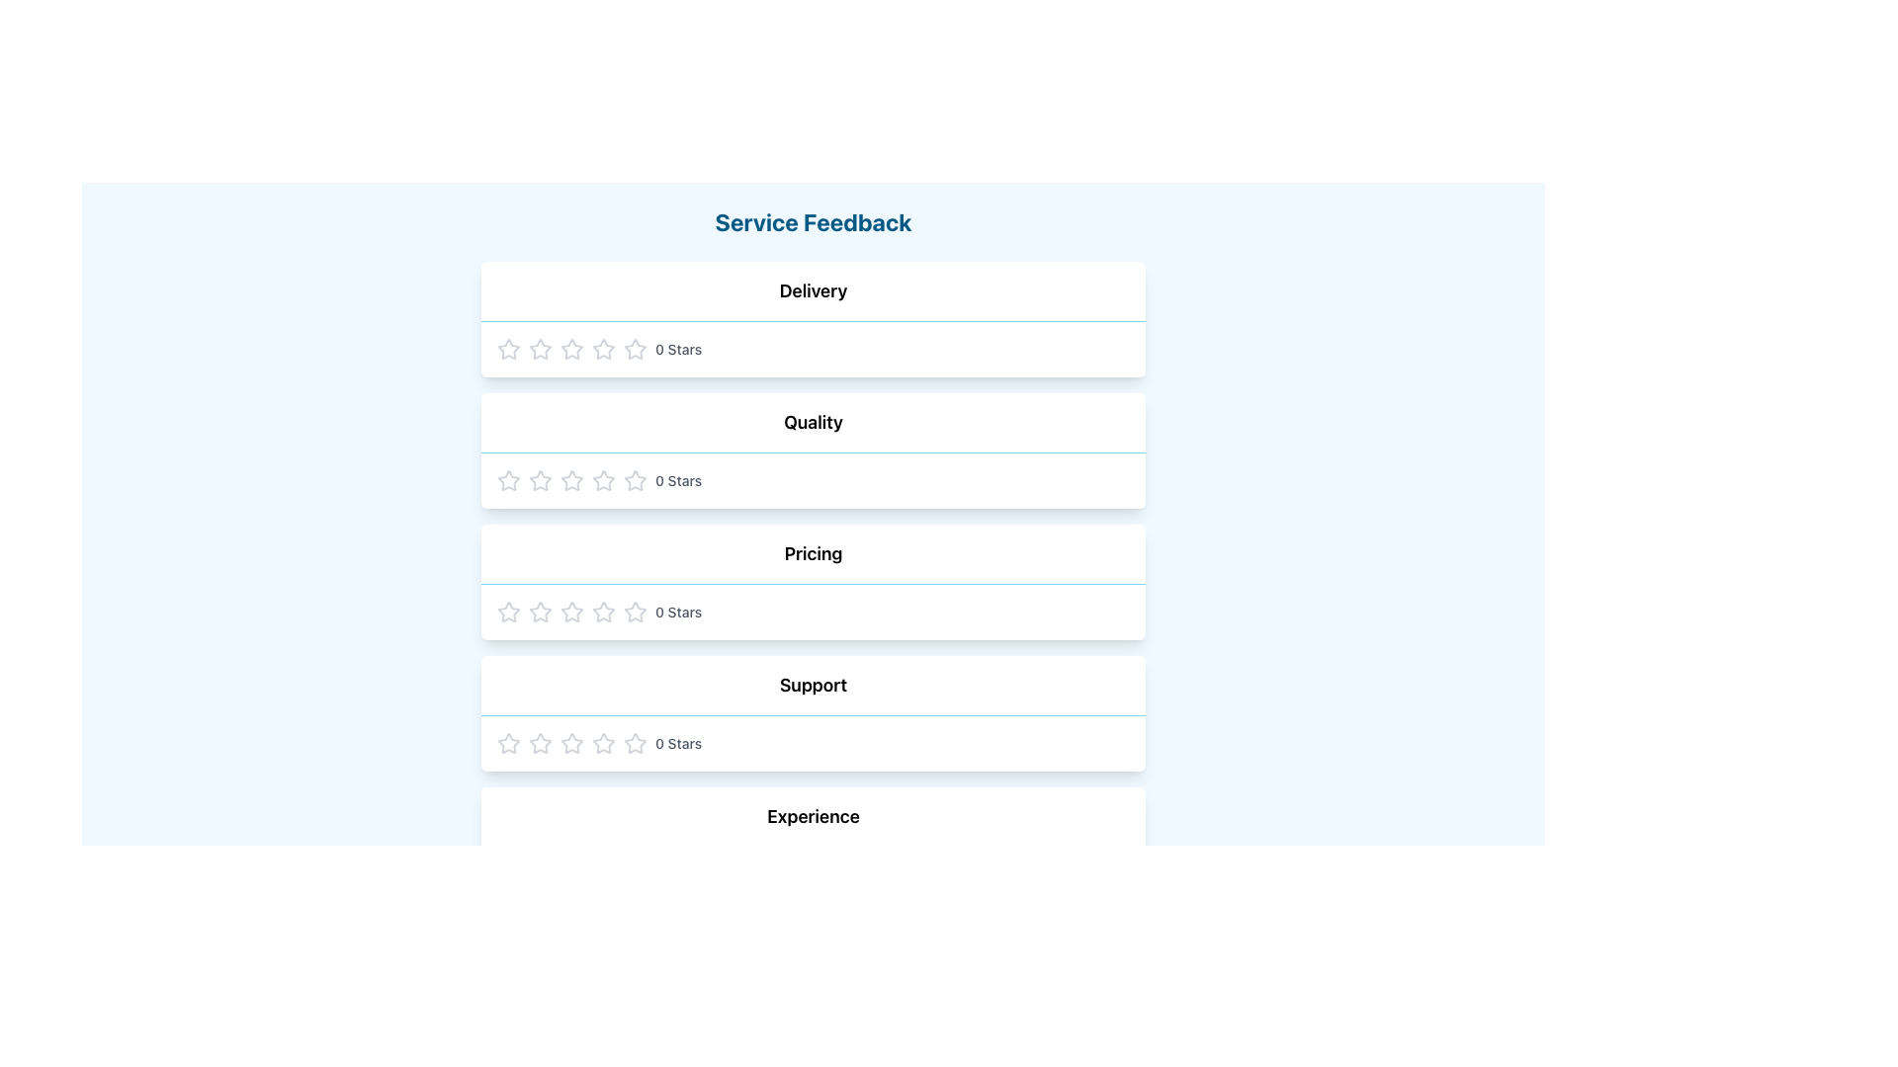 This screenshot has width=1898, height=1067. Describe the element at coordinates (602, 480) in the screenshot. I see `the first star-shaped icon in the star rating control under the 'Quality' category` at that location.